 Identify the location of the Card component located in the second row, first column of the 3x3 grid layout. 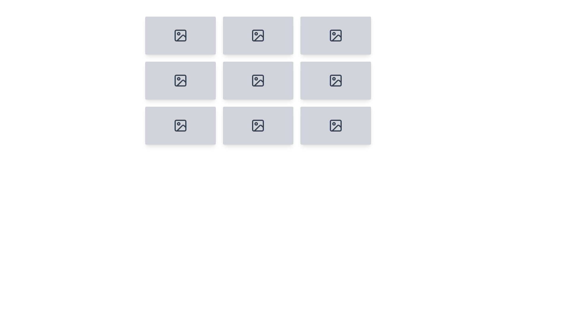
(180, 81).